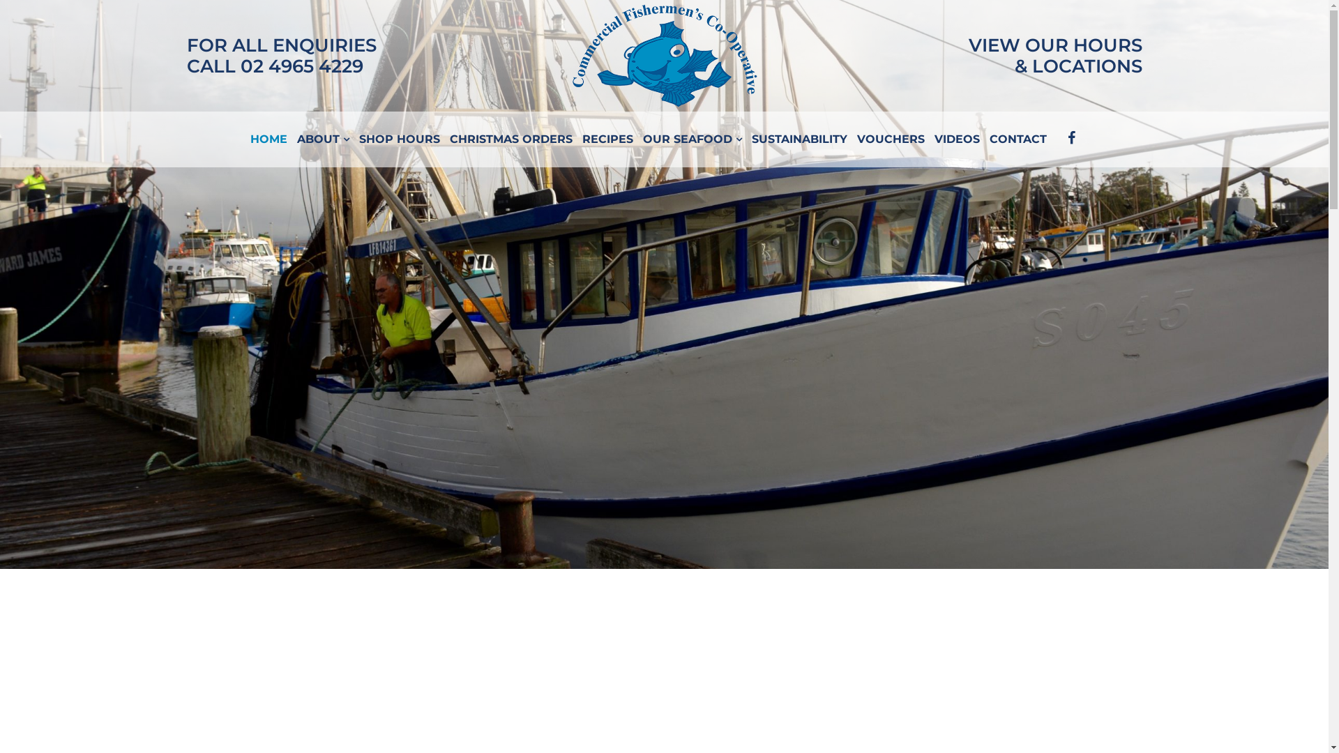 Image resolution: width=1339 pixels, height=753 pixels. What do you see at coordinates (355, 139) in the screenshot?
I see `'SHOP HOURS'` at bounding box center [355, 139].